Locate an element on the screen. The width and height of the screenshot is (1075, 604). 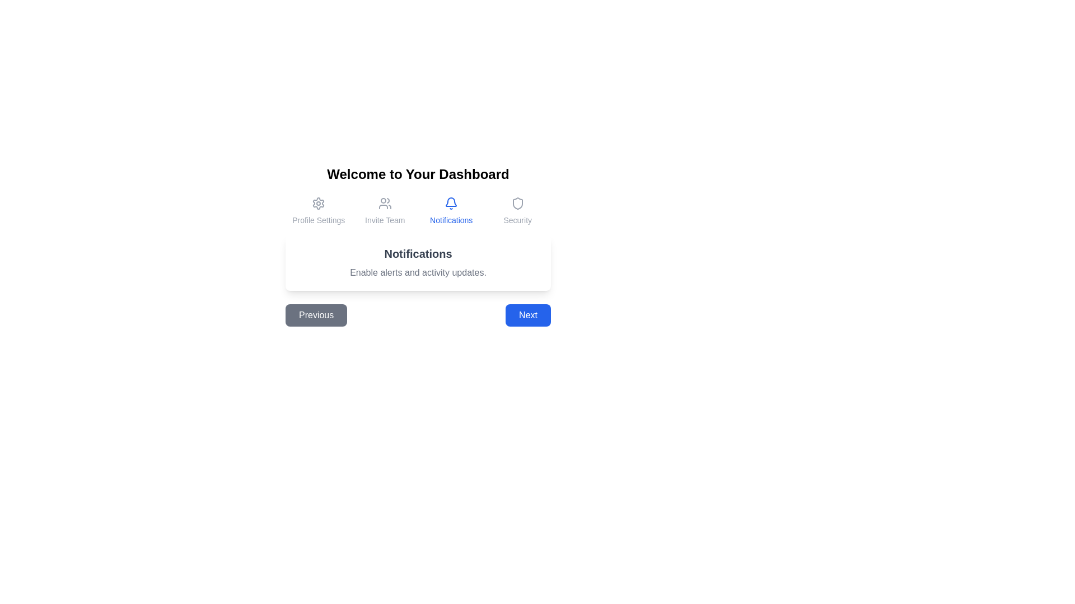
the welcome message text element that serves as the title for the dashboard interface, which is centrally aligned above the smaller buttons is located at coordinates (418, 174).